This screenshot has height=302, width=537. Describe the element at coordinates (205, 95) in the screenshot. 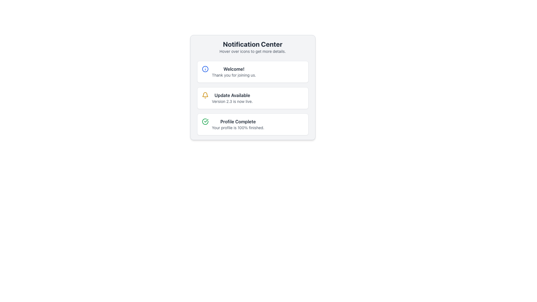

I see `the bell icon located at the beginning of the second notification card titled 'Update Available', which contains the text 'Version 2.3 is now live.'` at that location.